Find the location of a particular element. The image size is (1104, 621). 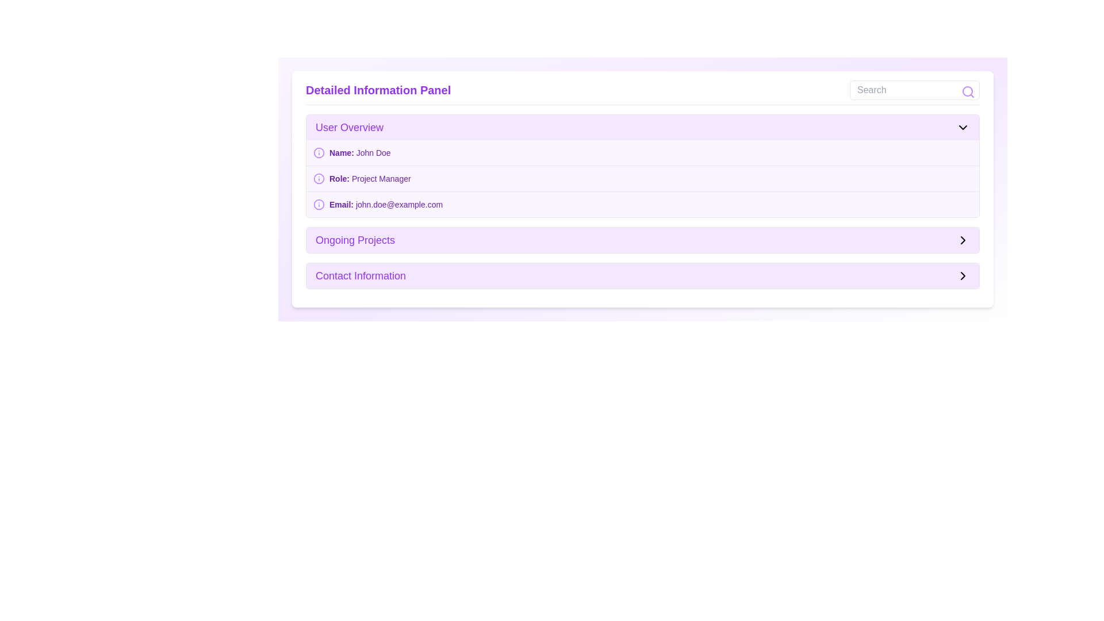

displayed name 'John Doe' from the text display, which is purple and part of the 'User Overview' section in the information layout is located at coordinates (359, 152).